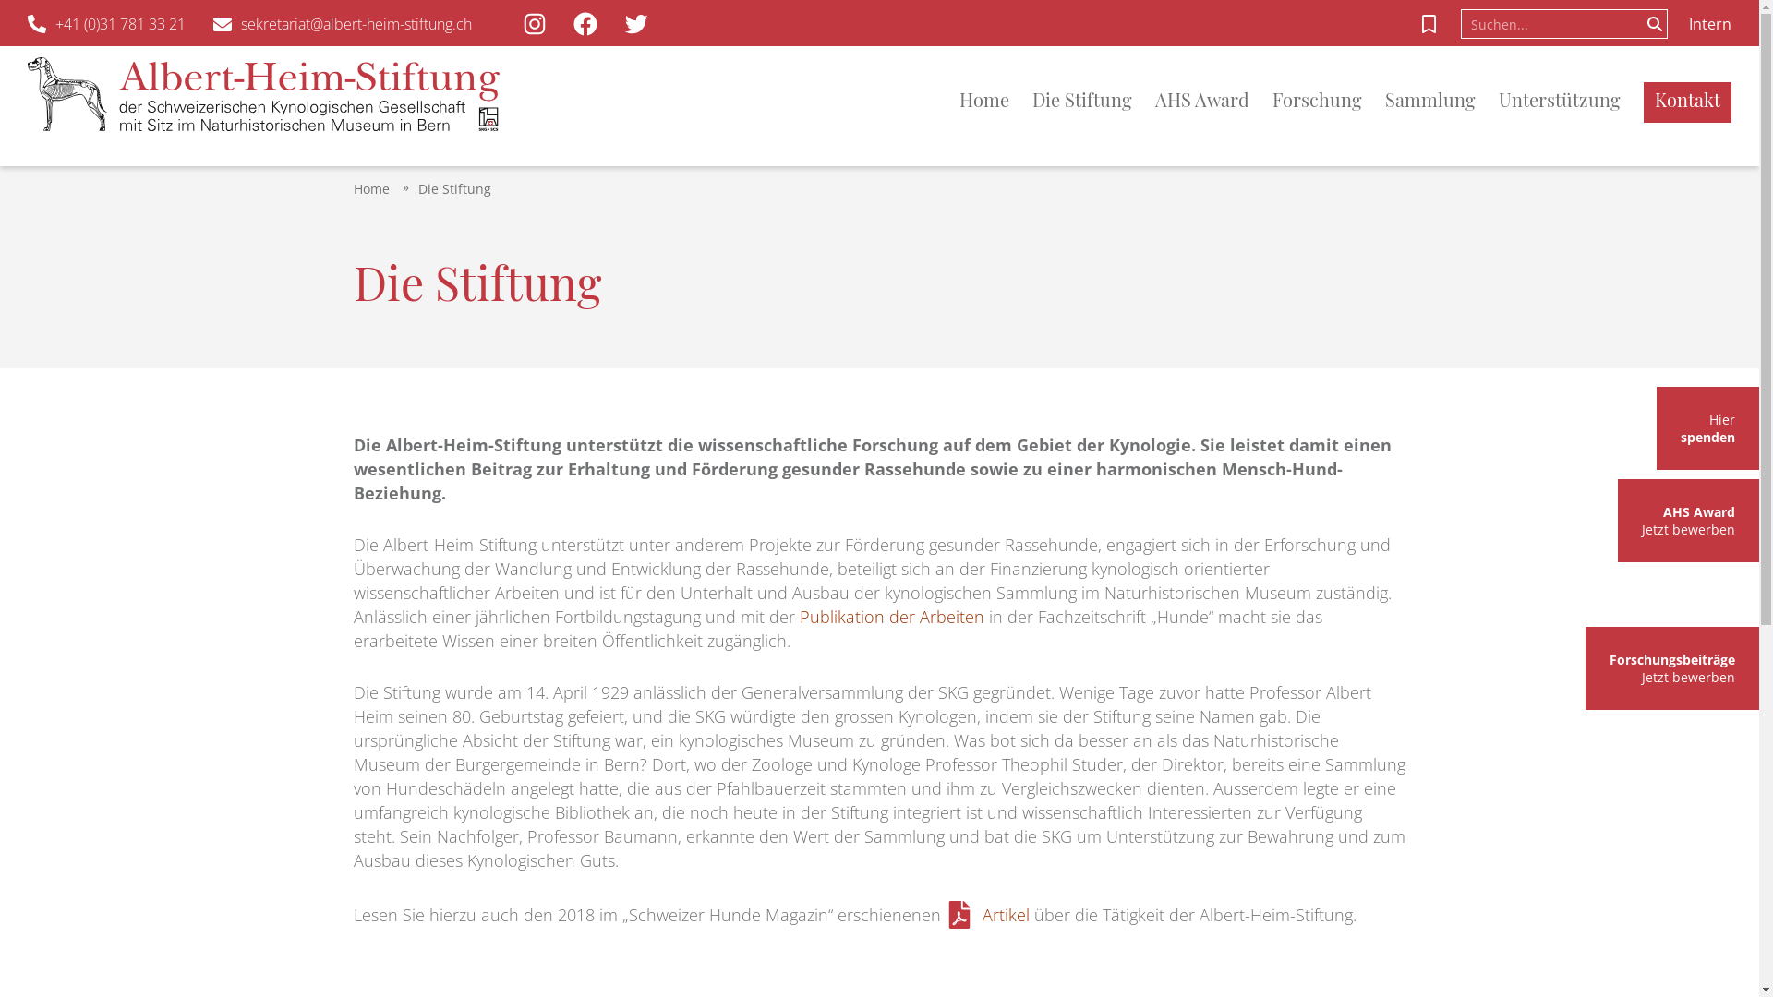 The image size is (1773, 997). Describe the element at coordinates (342, 24) in the screenshot. I see `'sekretariat@albert-heim-stiftung.ch'` at that location.